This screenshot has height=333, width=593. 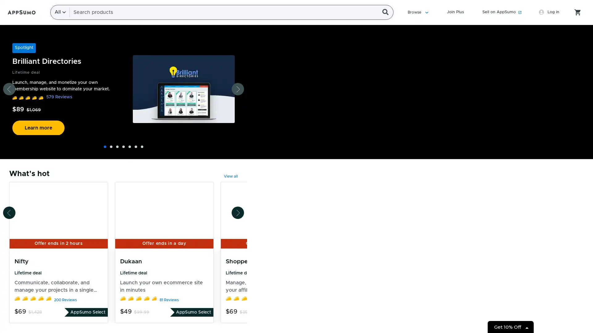 What do you see at coordinates (397, 44) in the screenshot?
I see `Close` at bounding box center [397, 44].